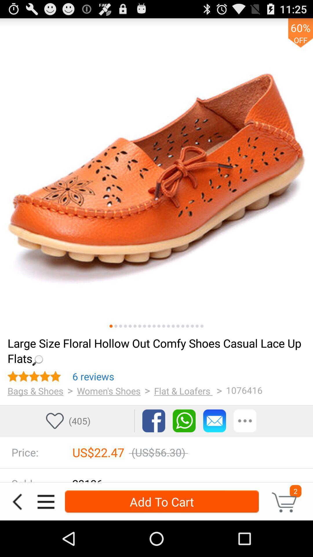 The height and width of the screenshot is (557, 313). I want to click on menu, so click(46, 501).